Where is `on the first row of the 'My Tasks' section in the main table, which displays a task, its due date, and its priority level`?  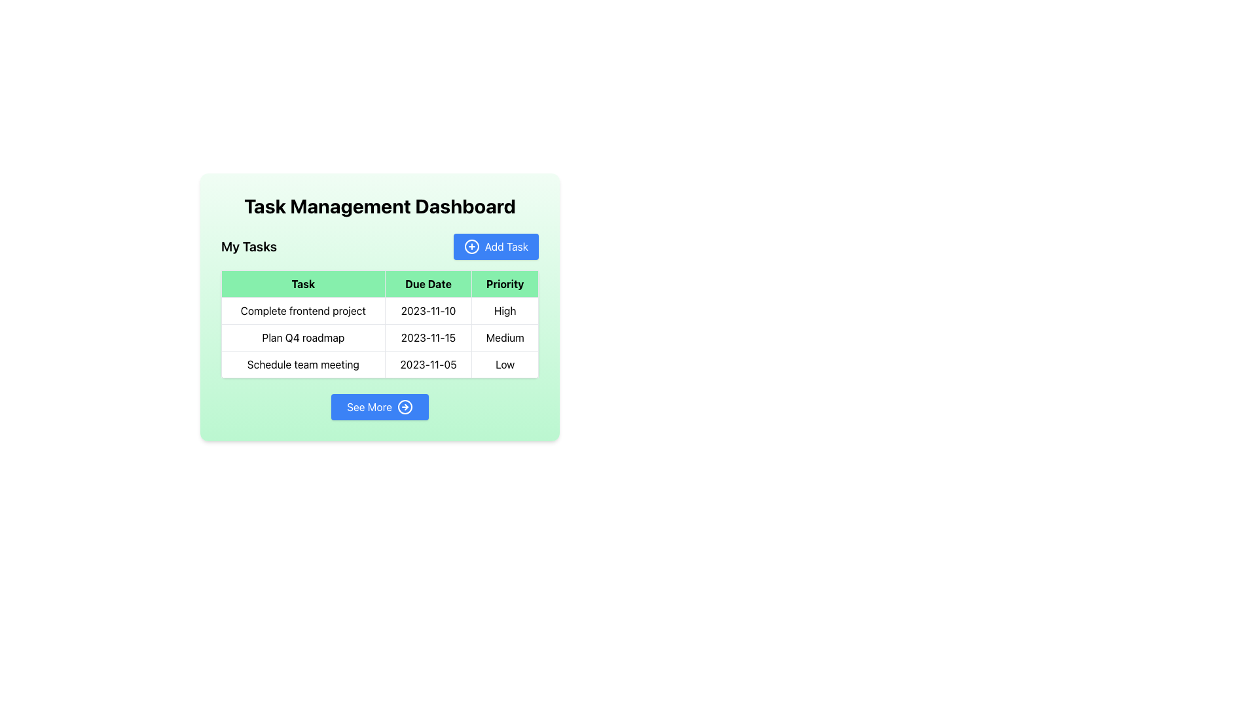 on the first row of the 'My Tasks' section in the main table, which displays a task, its due date, and its priority level is located at coordinates (379, 310).